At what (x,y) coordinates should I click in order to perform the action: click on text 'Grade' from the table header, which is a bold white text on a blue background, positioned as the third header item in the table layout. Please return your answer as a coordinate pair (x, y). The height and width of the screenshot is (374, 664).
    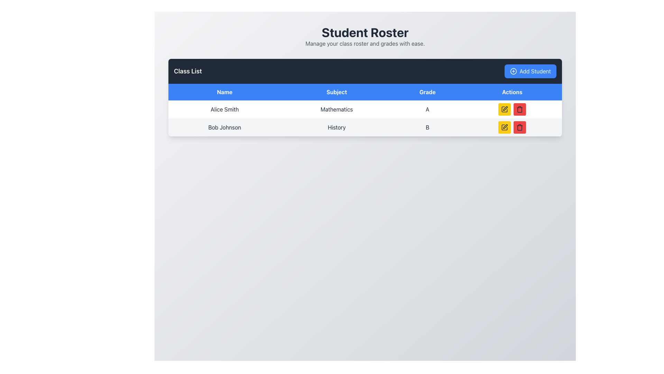
    Looking at the image, I should click on (427, 92).